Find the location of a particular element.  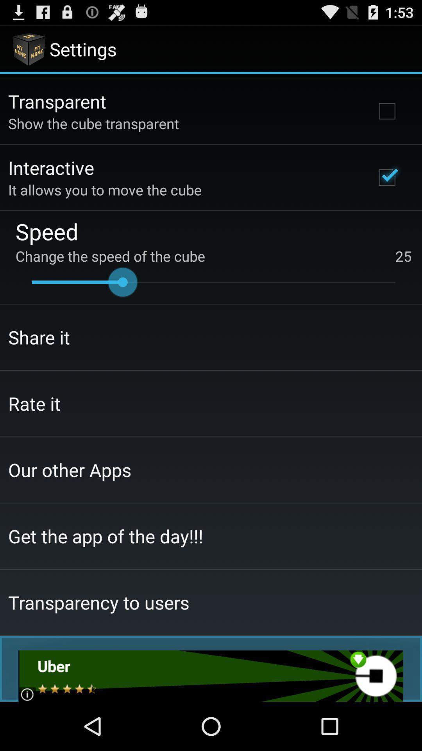

display advertisement campaigns is located at coordinates (210, 676).